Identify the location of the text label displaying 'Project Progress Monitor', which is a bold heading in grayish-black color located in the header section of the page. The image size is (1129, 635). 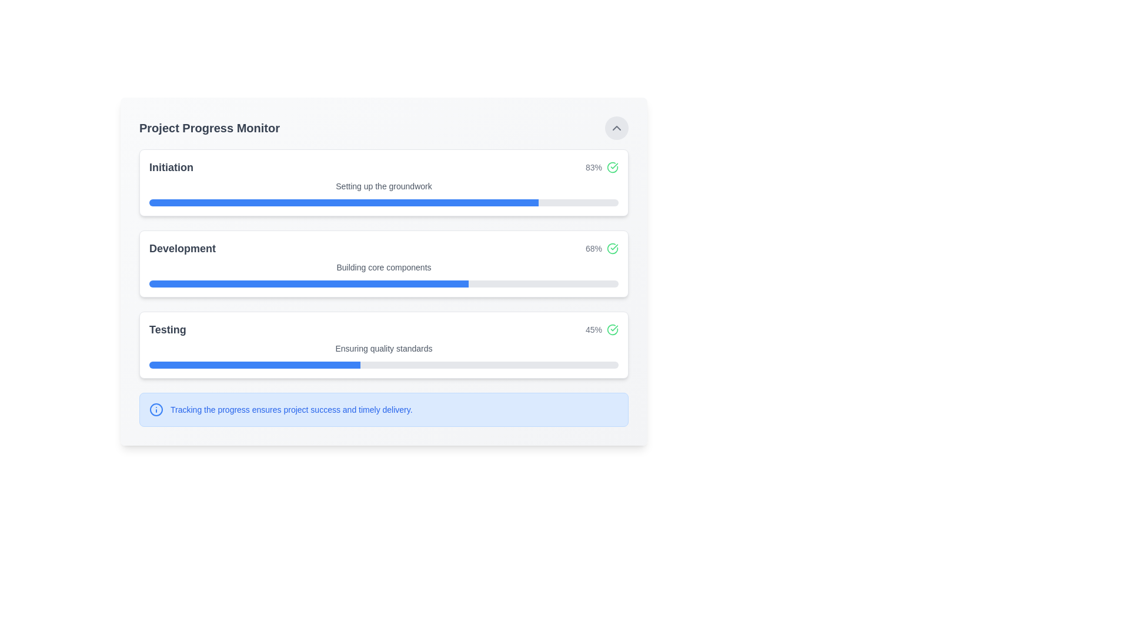
(209, 128).